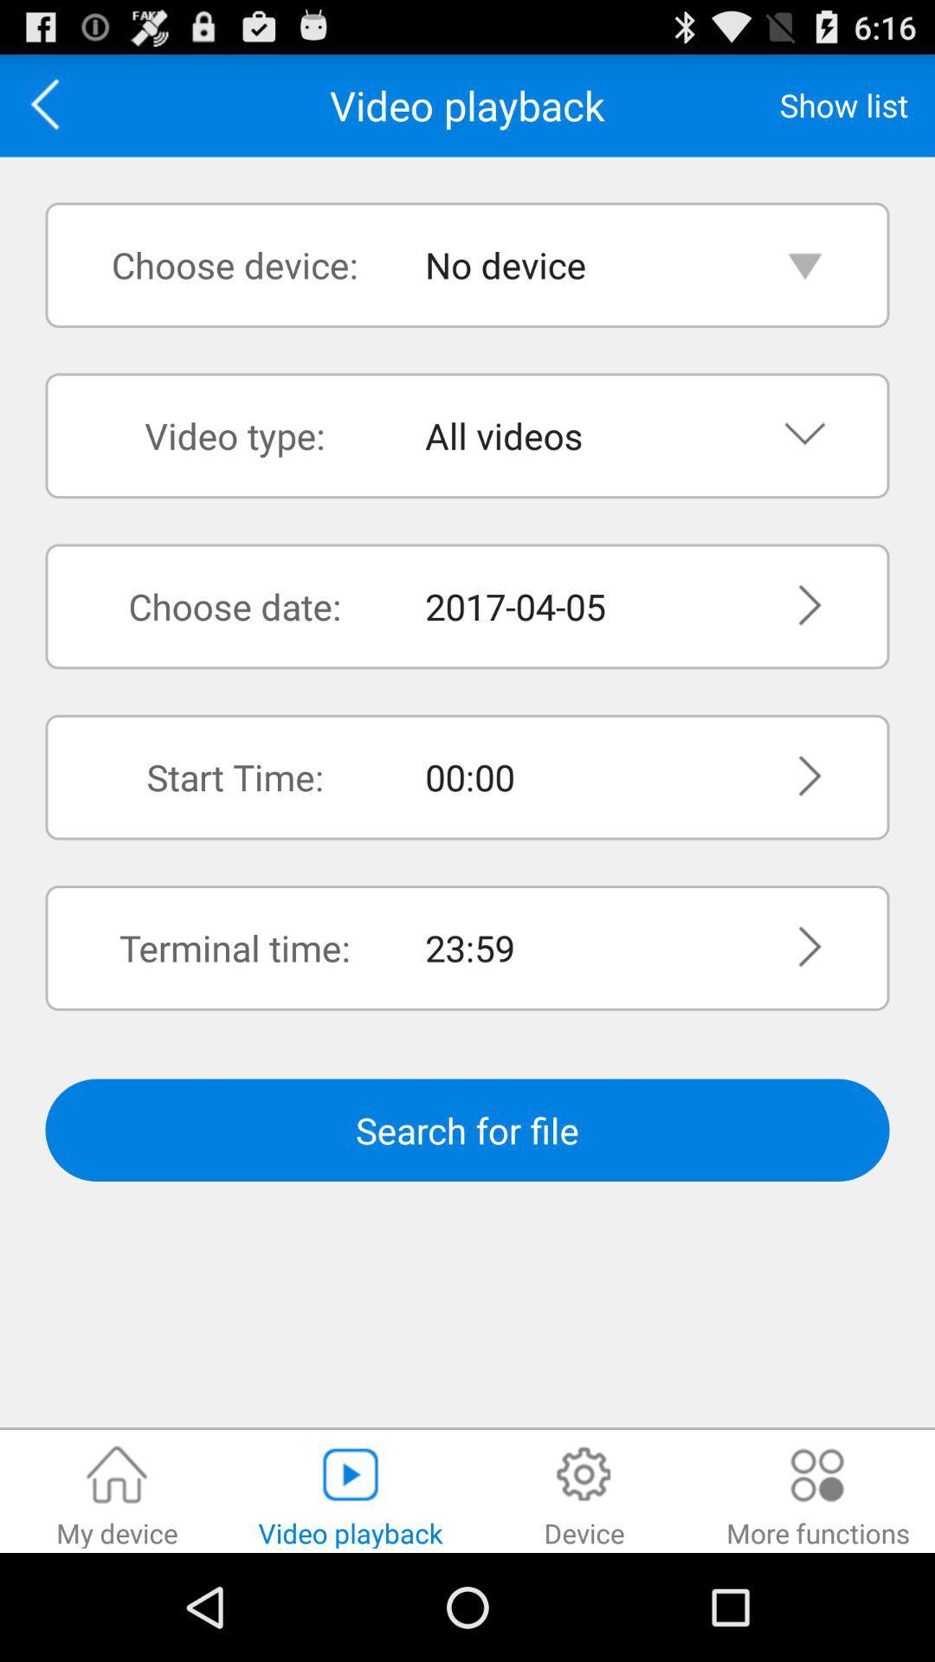 Image resolution: width=935 pixels, height=1662 pixels. Describe the element at coordinates (467, 1130) in the screenshot. I see `item below the terminal time: item` at that location.